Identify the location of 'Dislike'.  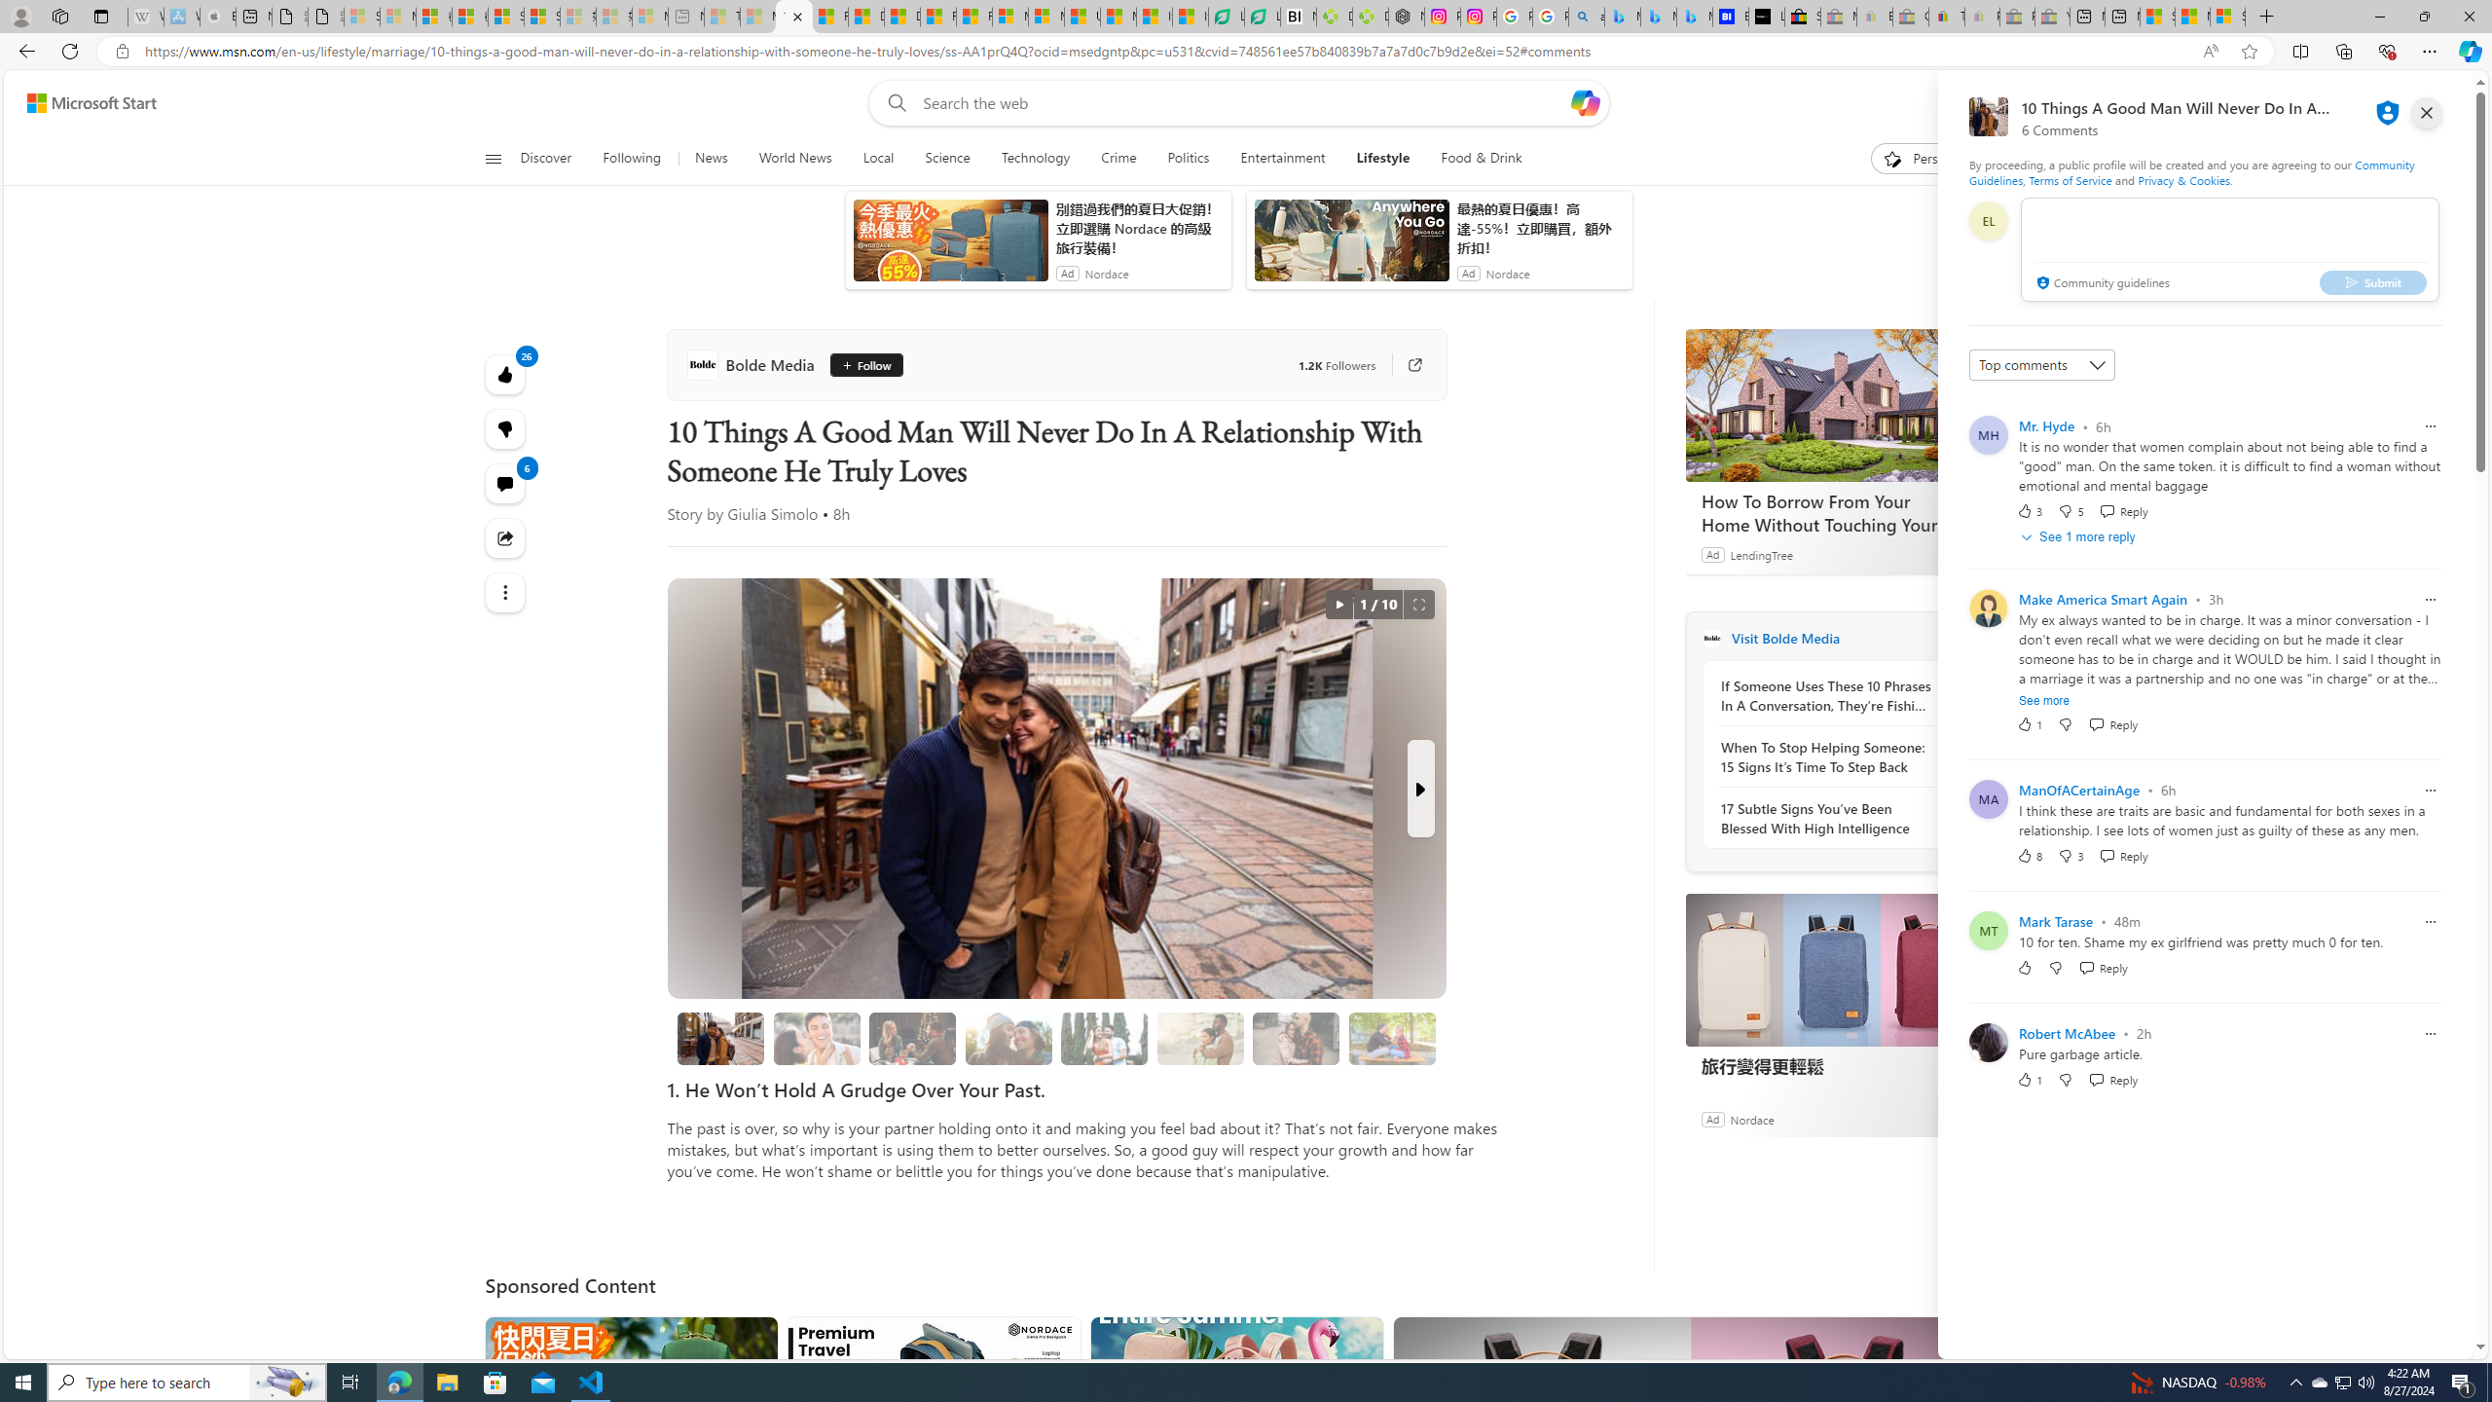
(2067, 1078).